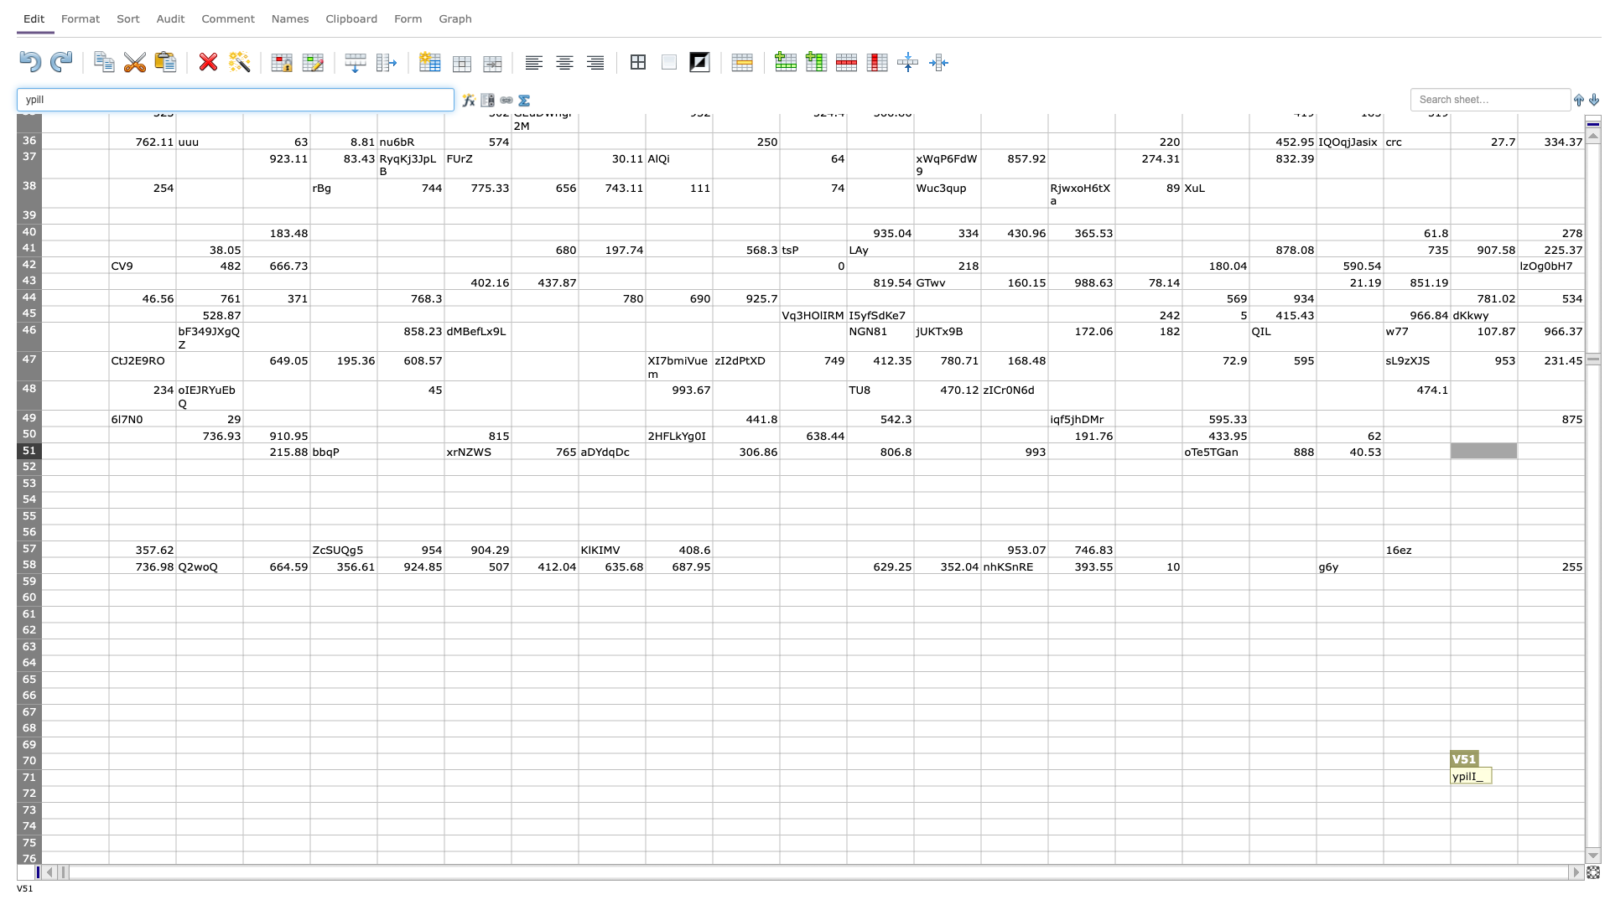 The height and width of the screenshot is (905, 1610). Describe the element at coordinates (176, 801) in the screenshot. I see `fill handle point of B72` at that location.